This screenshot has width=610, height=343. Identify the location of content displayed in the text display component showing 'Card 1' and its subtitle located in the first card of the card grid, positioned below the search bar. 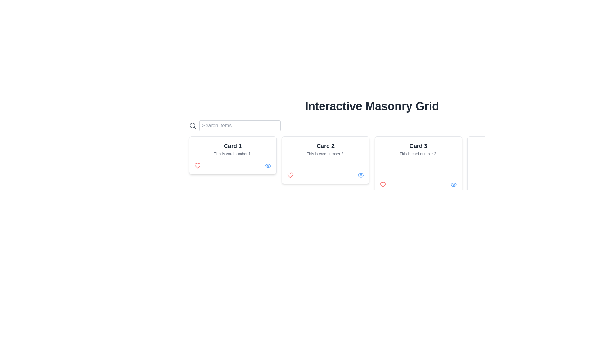
(233, 149).